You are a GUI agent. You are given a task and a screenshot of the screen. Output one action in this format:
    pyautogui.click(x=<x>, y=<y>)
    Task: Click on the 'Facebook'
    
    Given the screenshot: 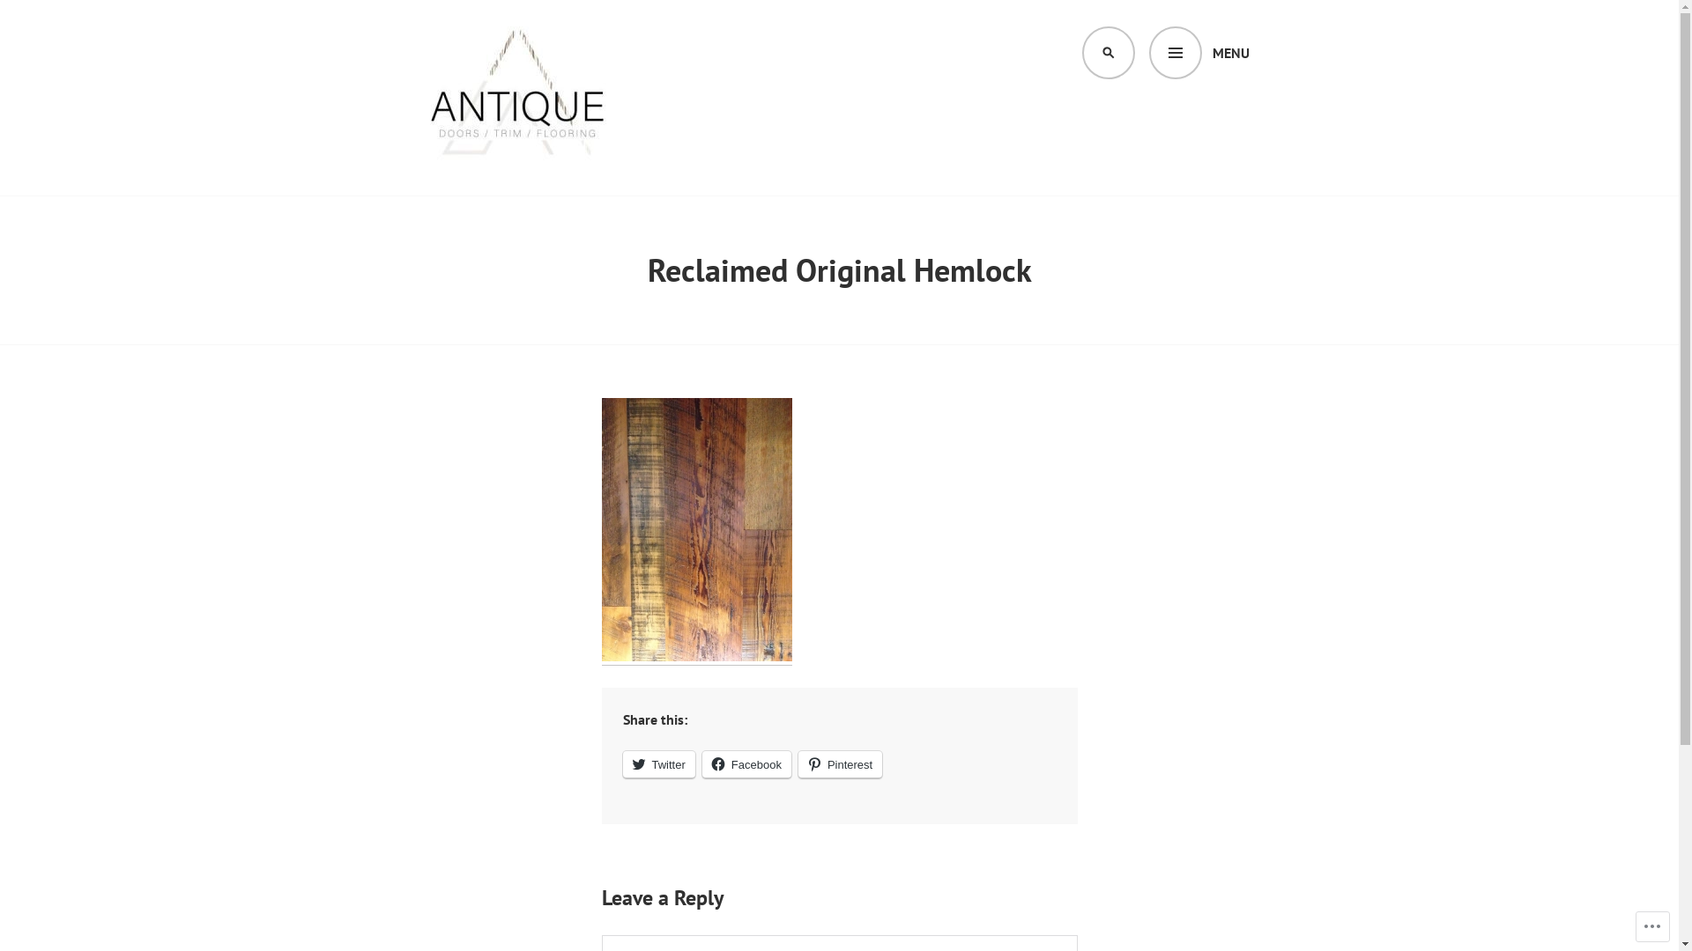 What is the action you would take?
    pyautogui.click(x=701, y=763)
    